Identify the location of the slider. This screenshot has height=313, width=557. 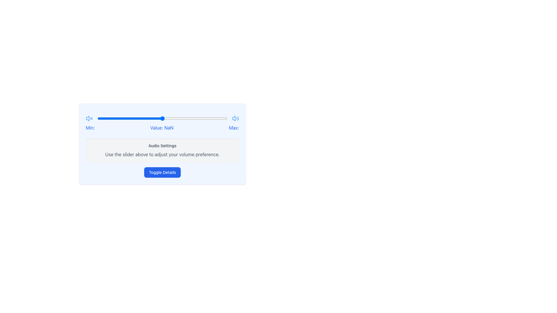
(201, 118).